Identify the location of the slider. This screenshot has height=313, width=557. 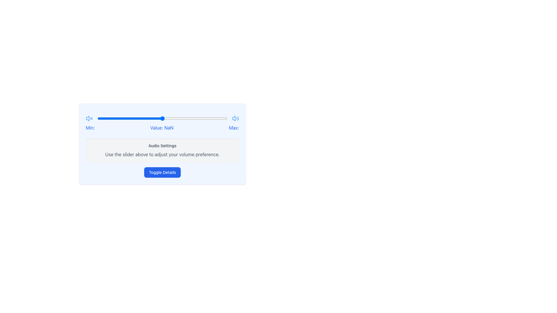
(201, 118).